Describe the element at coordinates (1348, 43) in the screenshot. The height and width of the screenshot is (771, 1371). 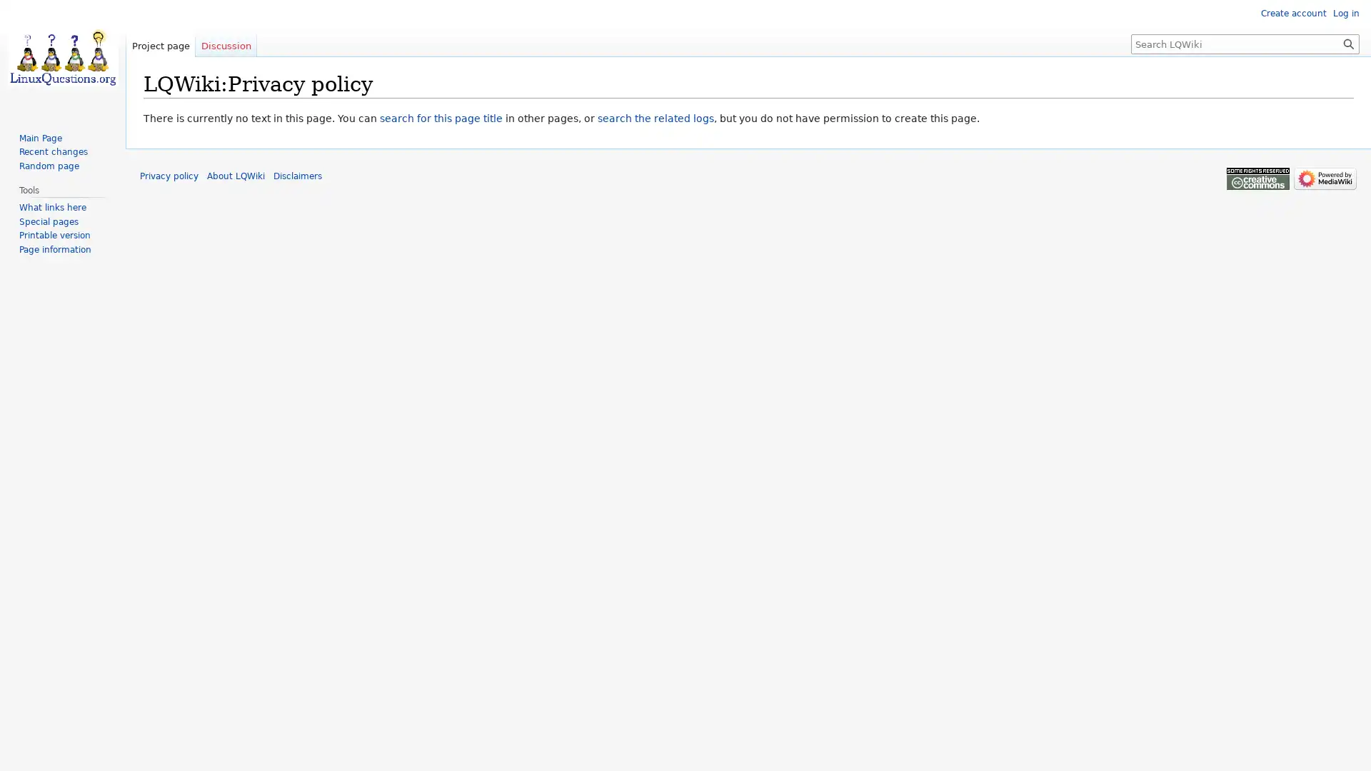
I see `Search` at that location.